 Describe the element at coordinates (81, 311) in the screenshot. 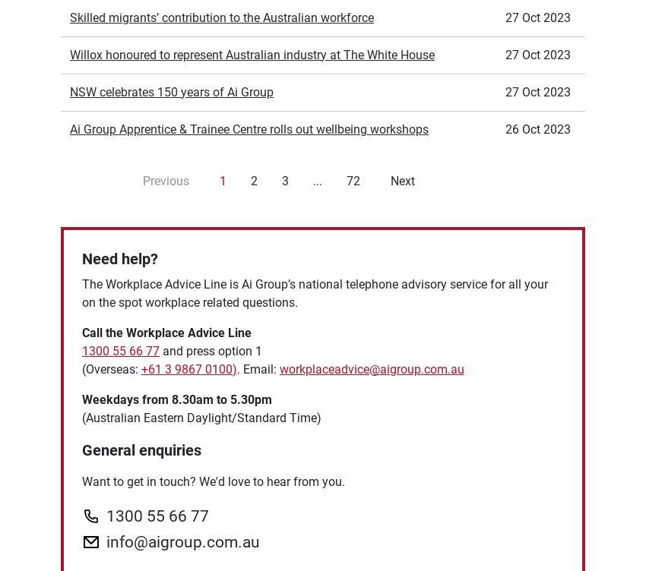

I see `'Want to get in touch? We'd love to hear from you.'` at that location.